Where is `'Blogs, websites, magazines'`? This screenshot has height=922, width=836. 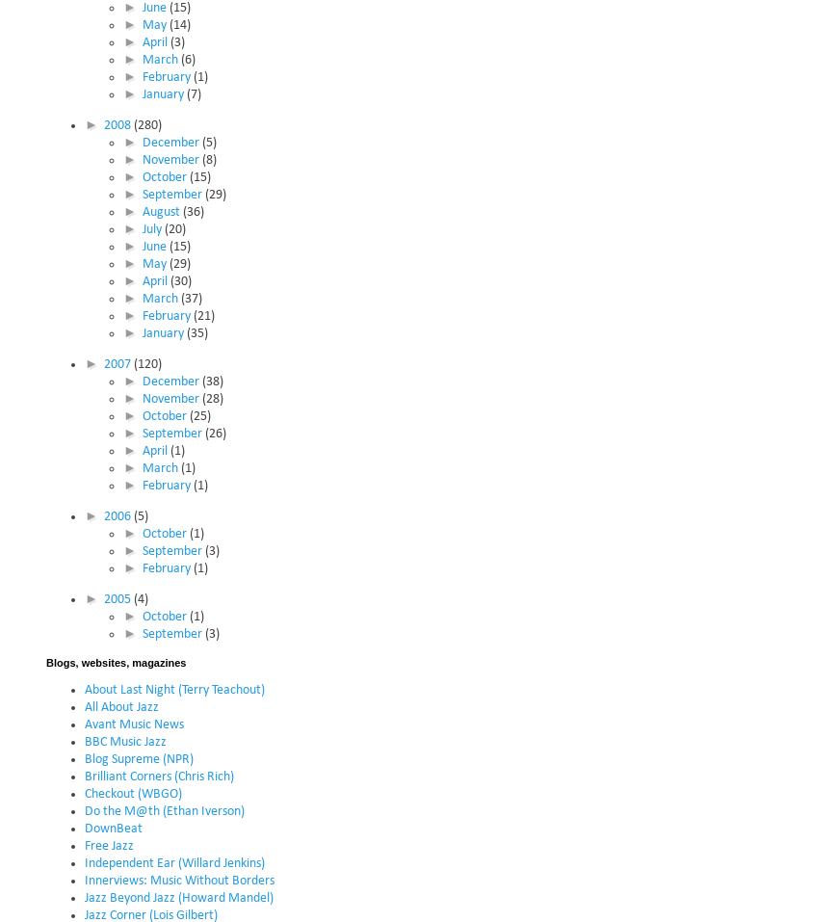
'Blogs, websites, magazines' is located at coordinates (116, 662).